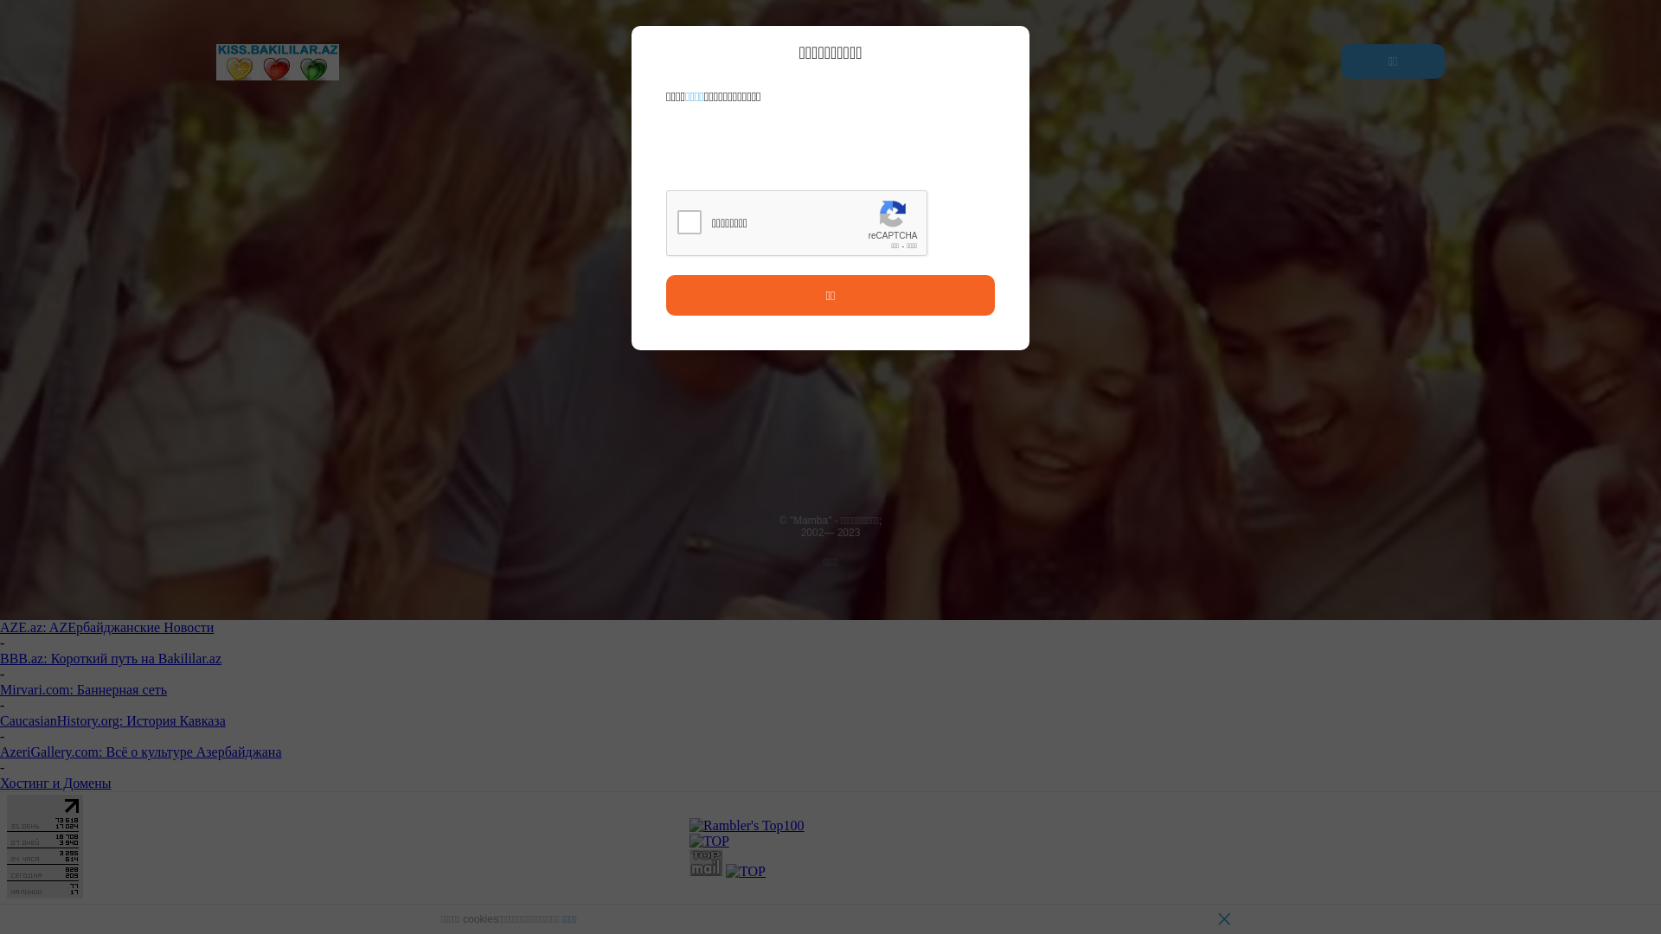 This screenshot has width=1661, height=934. What do you see at coordinates (796, 222) in the screenshot?
I see `'reCAPTCHA'` at bounding box center [796, 222].